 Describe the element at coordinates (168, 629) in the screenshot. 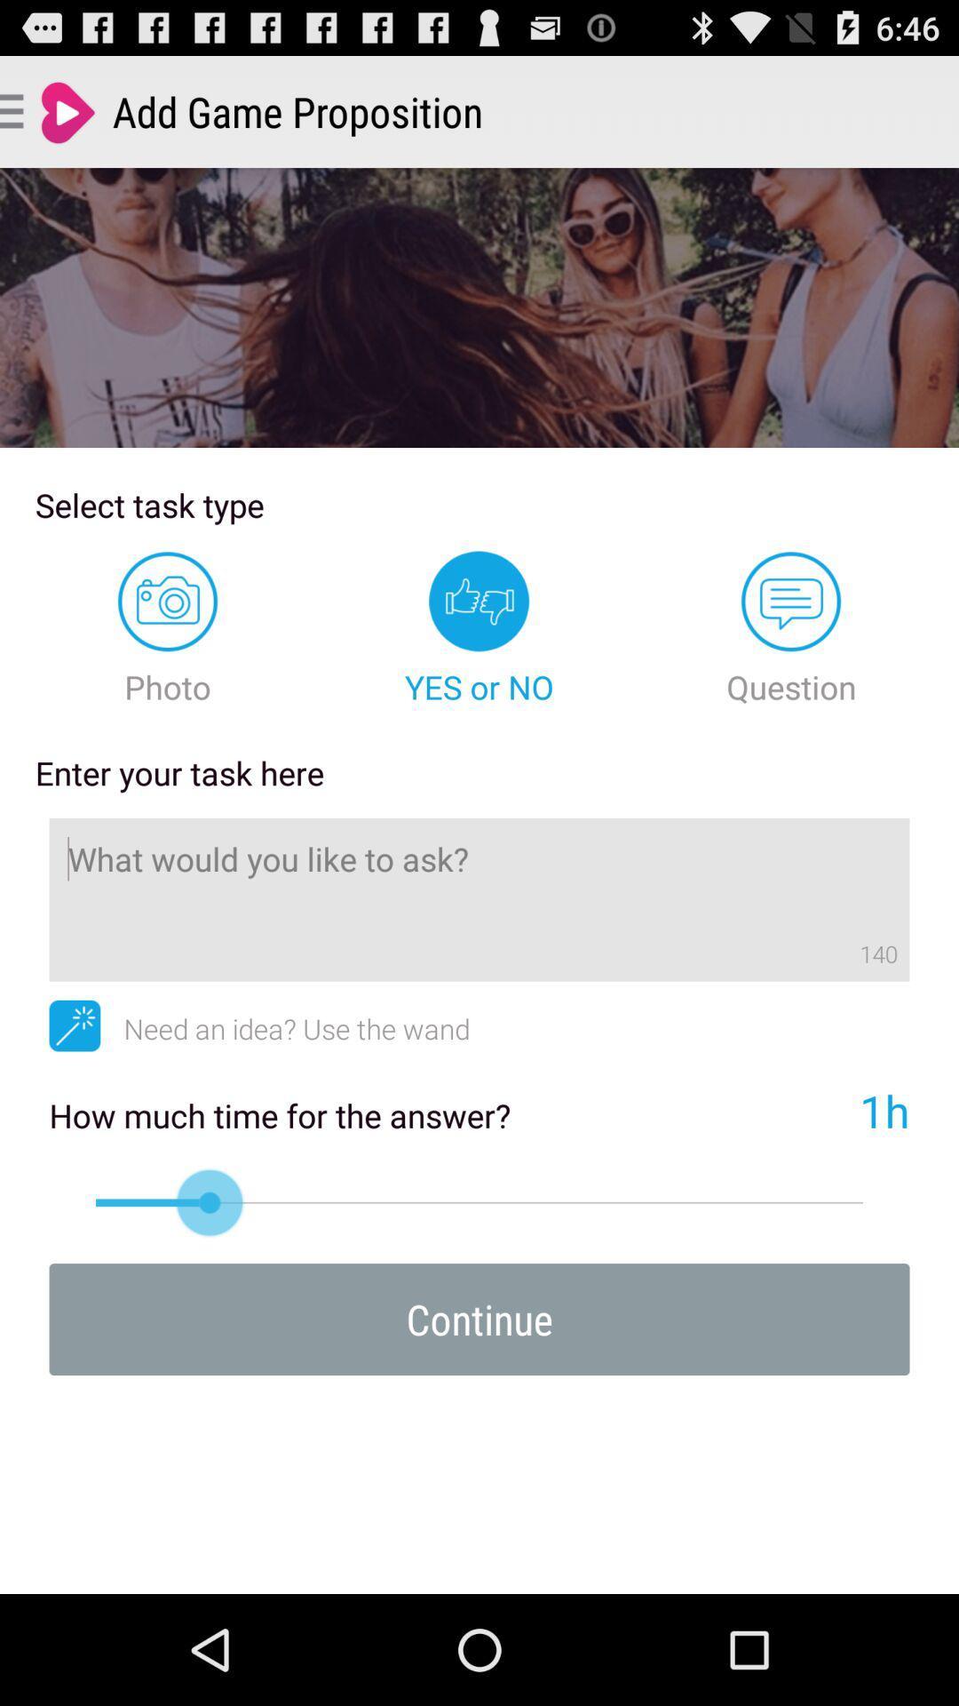

I see `icon above the enter your task item` at that location.